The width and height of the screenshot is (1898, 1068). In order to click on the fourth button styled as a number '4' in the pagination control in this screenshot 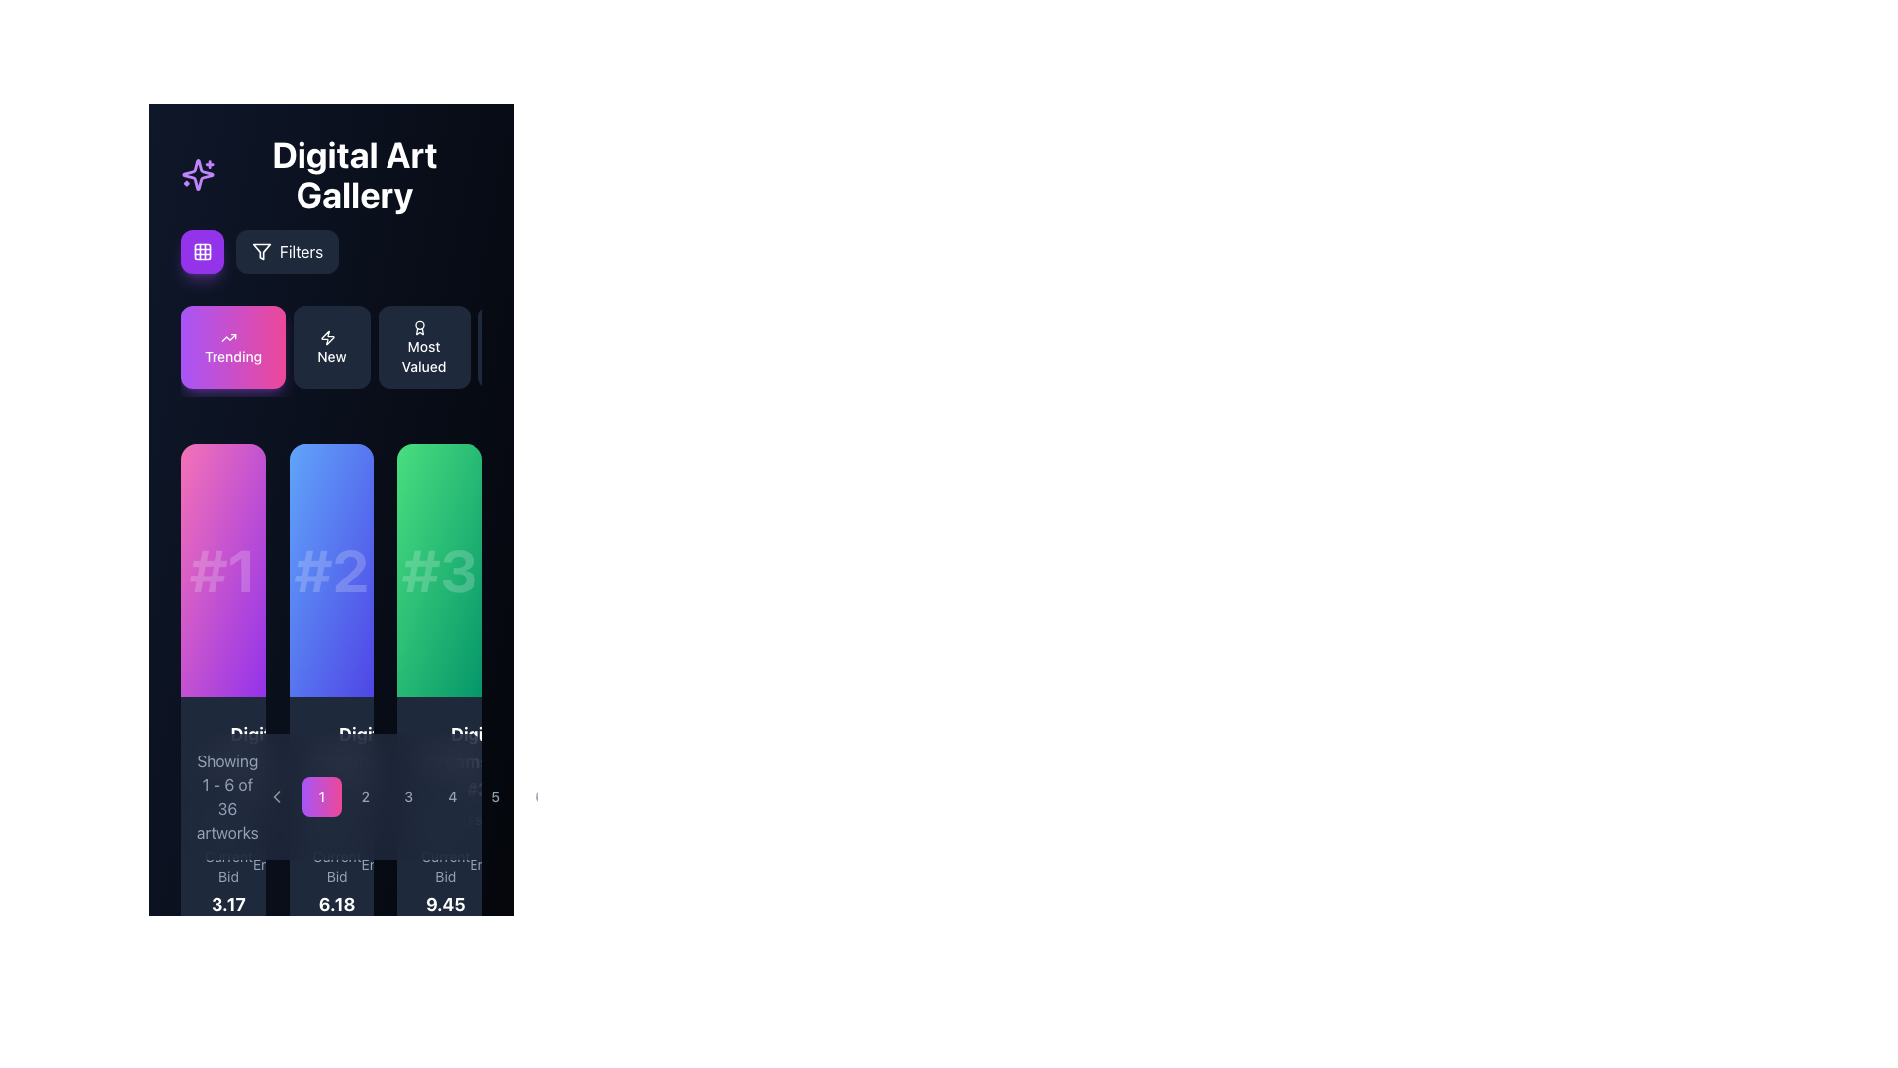, I will do `click(429, 796)`.